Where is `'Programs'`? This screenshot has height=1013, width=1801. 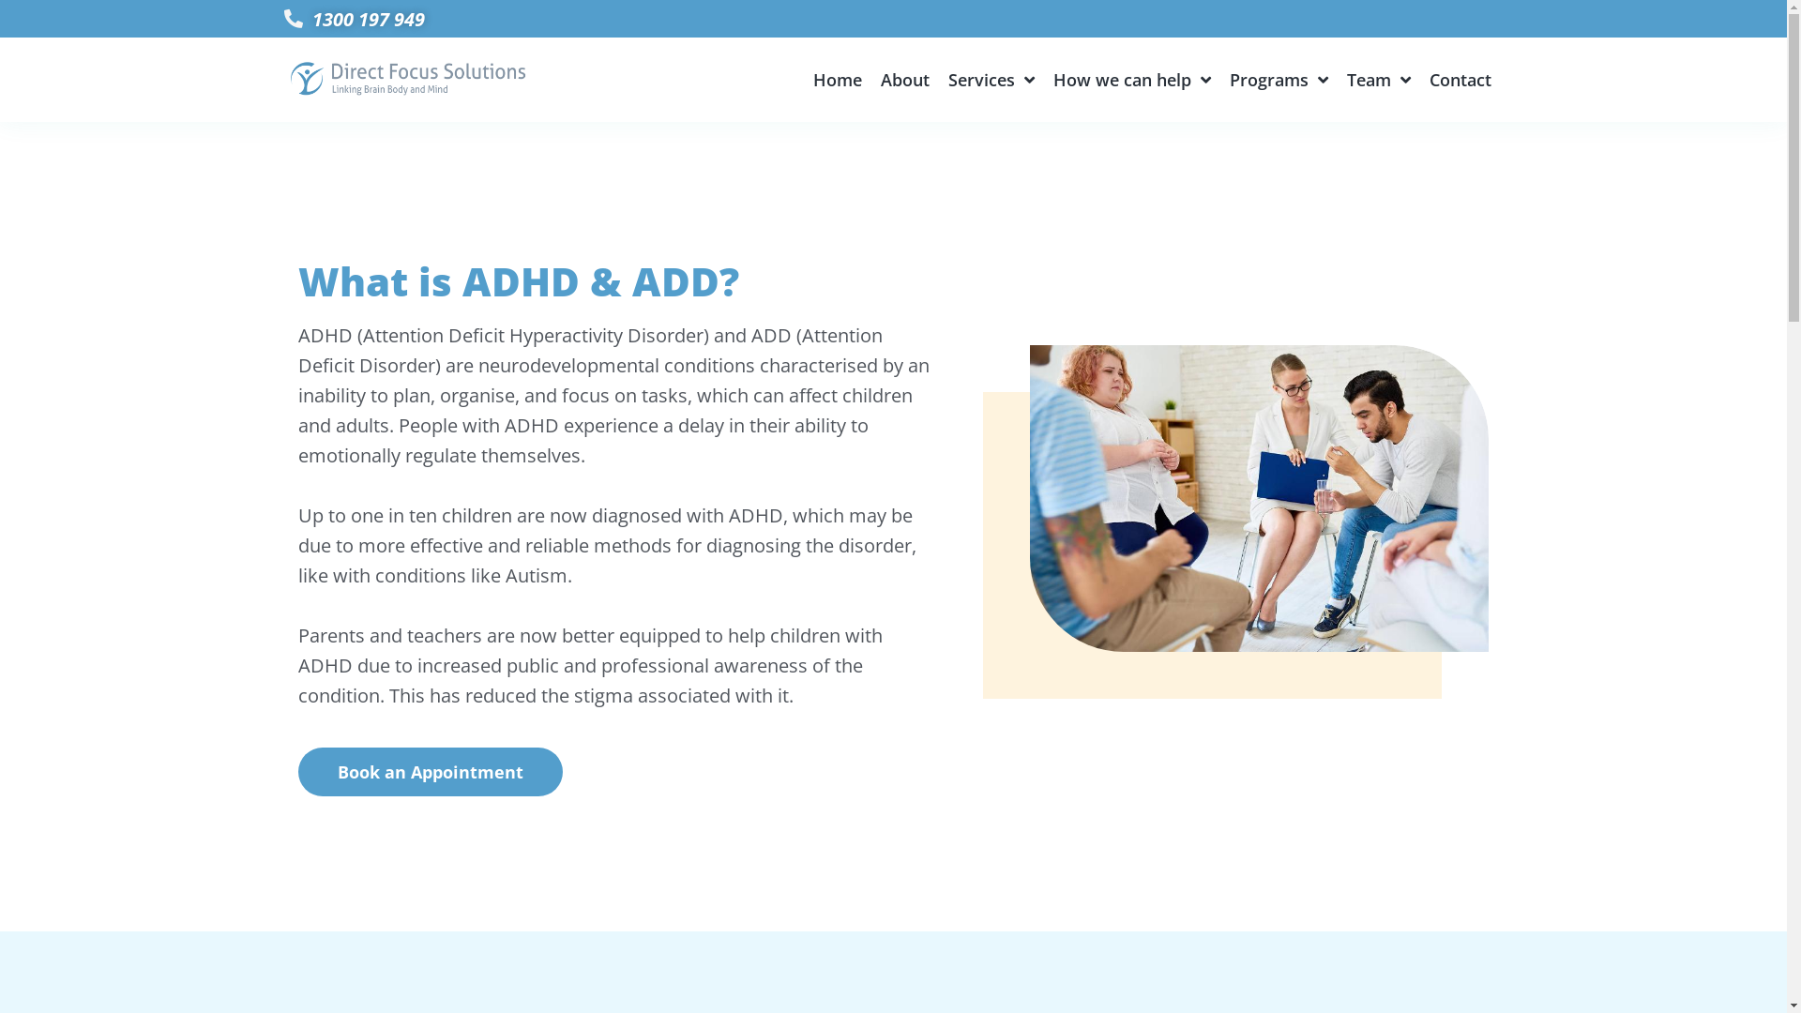
'Programs' is located at coordinates (1229, 78).